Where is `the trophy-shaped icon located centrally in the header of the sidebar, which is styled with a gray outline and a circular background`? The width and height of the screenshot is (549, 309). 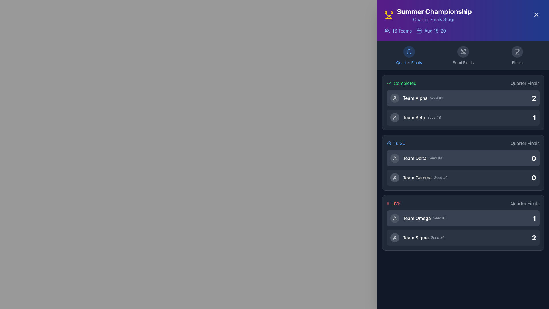
the trophy-shaped icon located centrally in the header of the sidebar, which is styled with a gray outline and a circular background is located at coordinates (517, 52).